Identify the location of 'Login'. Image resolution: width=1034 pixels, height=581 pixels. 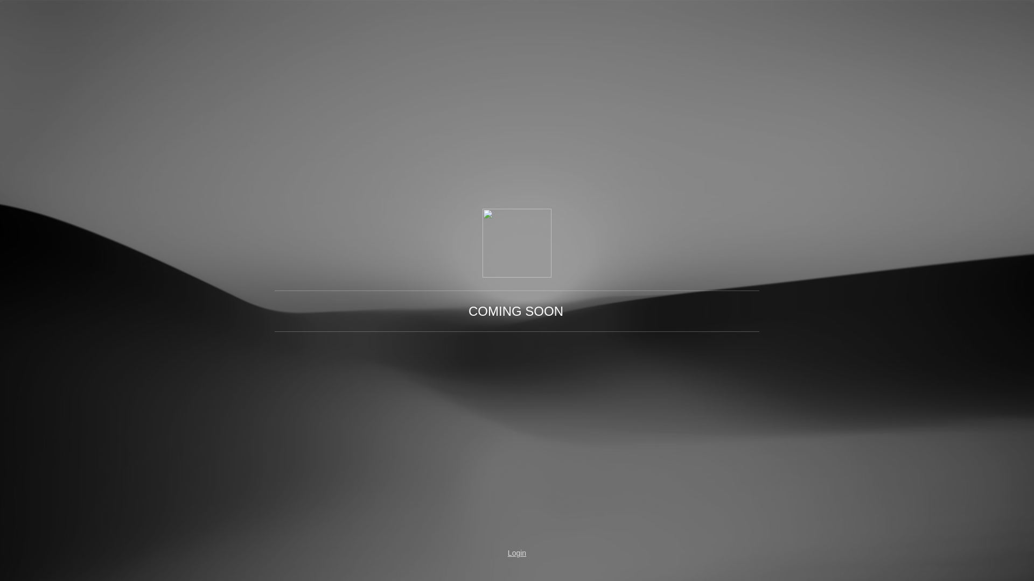
(517, 553).